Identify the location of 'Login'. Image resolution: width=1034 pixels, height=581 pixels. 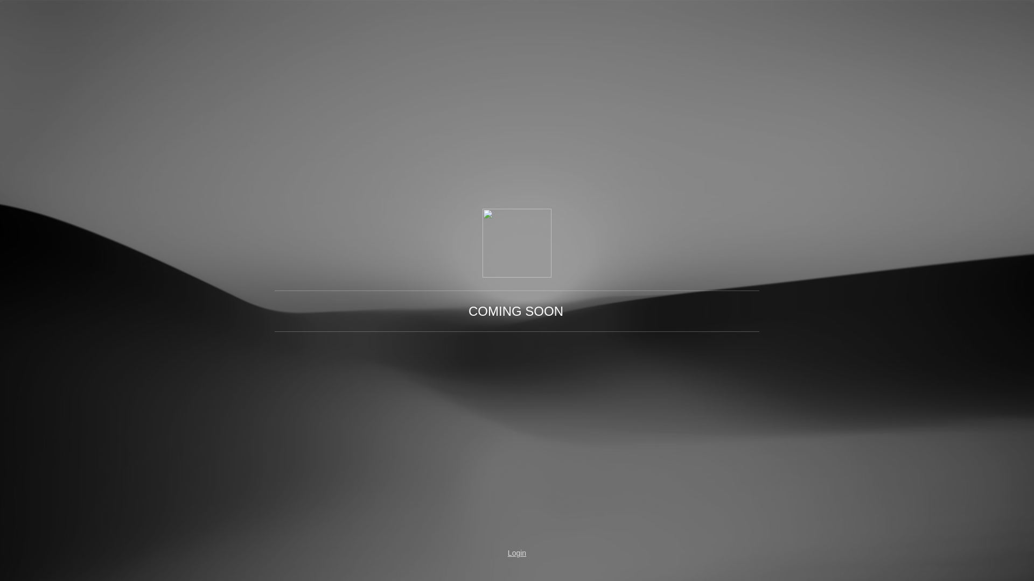
(517, 553).